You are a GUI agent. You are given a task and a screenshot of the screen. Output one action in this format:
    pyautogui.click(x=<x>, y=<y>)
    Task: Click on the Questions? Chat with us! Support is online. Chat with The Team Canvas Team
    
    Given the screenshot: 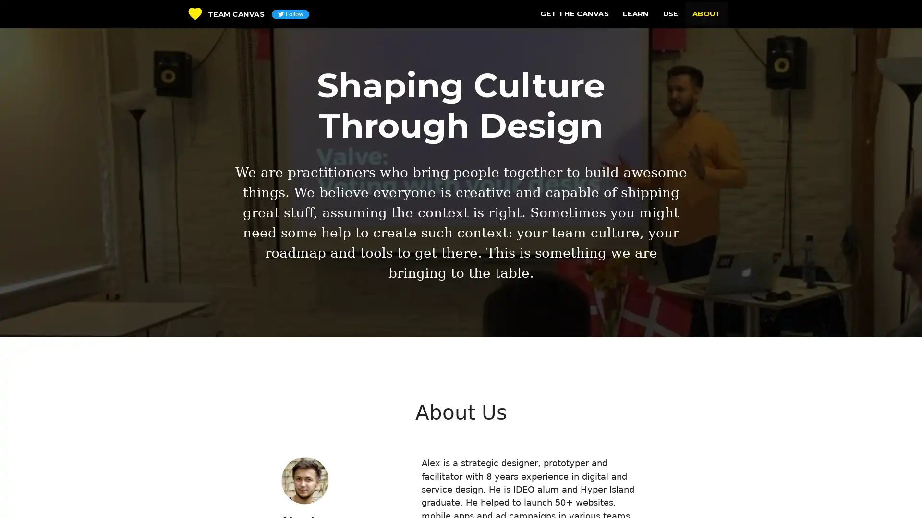 What is the action you would take?
    pyautogui.click(x=896, y=494)
    